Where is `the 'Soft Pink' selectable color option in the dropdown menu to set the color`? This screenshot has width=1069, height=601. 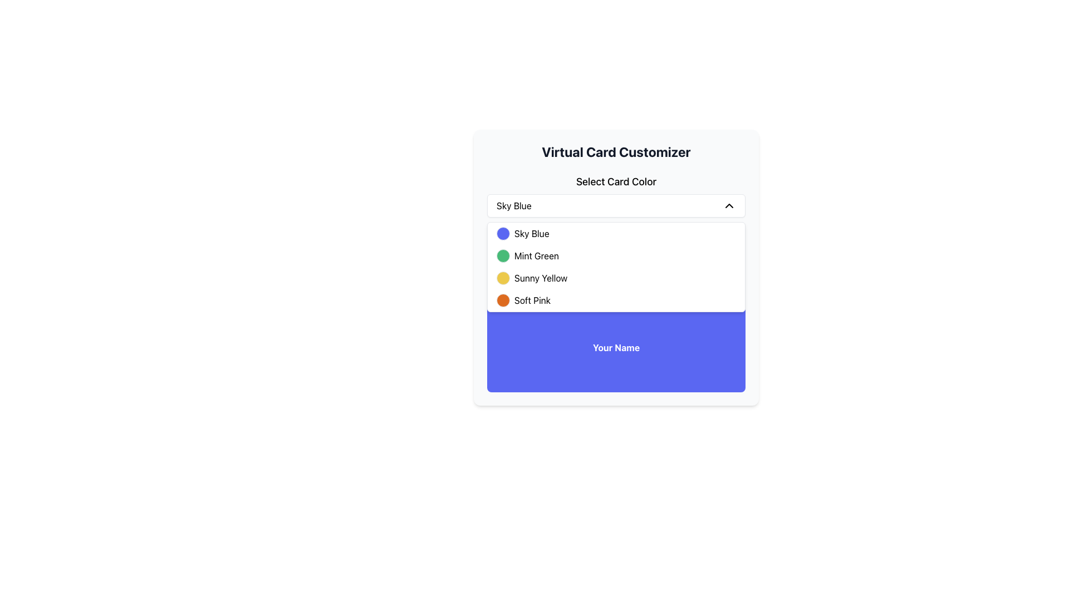
the 'Soft Pink' selectable color option in the dropdown menu to set the color is located at coordinates (532, 300).